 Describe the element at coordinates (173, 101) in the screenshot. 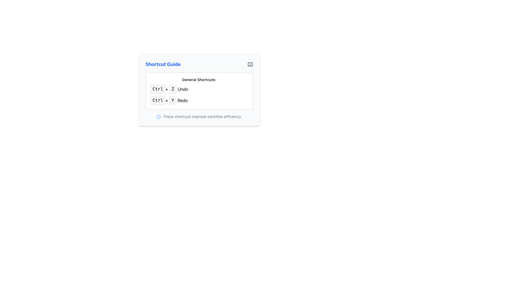

I see `the rectangular button labeled 'Y' in the keyboard shortcut representation, which is part of the 'Ctrl + Y' combination` at that location.